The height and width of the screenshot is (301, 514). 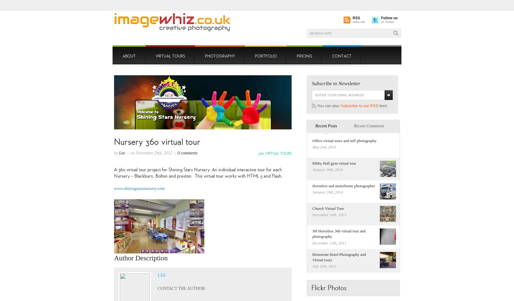 What do you see at coordinates (339, 256) in the screenshot?
I see `'Brimstone Hotel Photography and Virtual tours'` at bounding box center [339, 256].